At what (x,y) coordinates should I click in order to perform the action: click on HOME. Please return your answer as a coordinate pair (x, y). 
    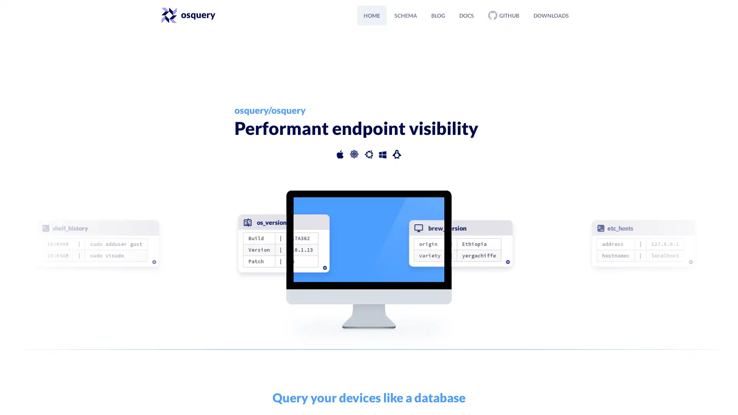
    Looking at the image, I should click on (372, 15).